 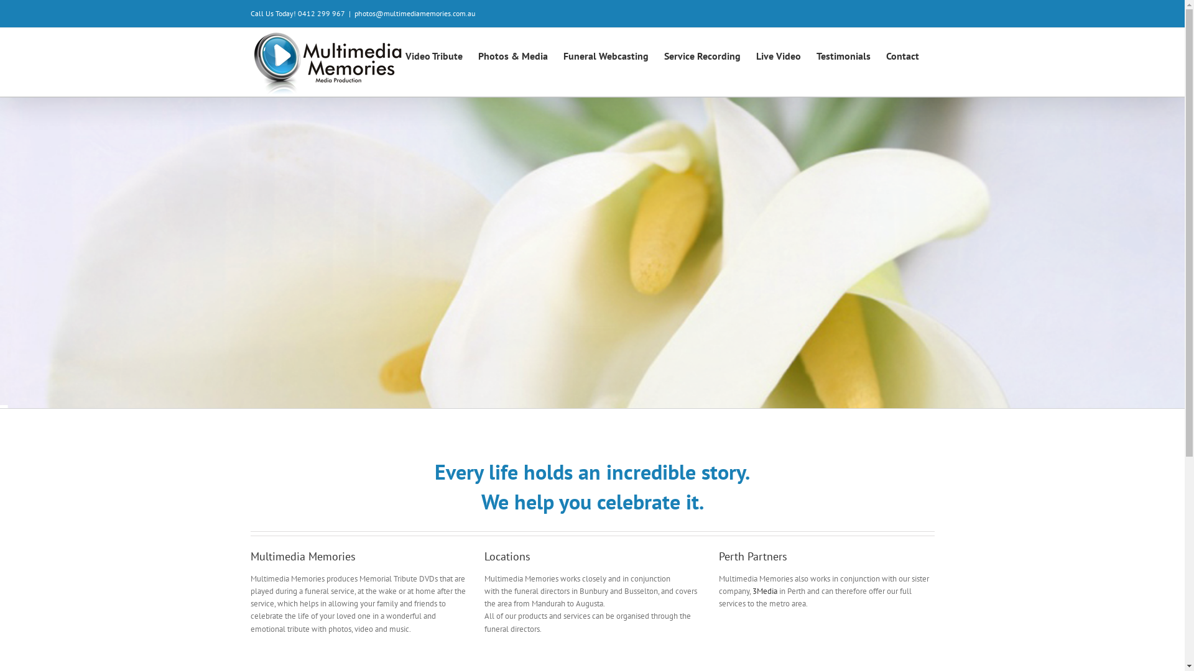 What do you see at coordinates (606, 54) in the screenshot?
I see `'Funeral Webcasting'` at bounding box center [606, 54].